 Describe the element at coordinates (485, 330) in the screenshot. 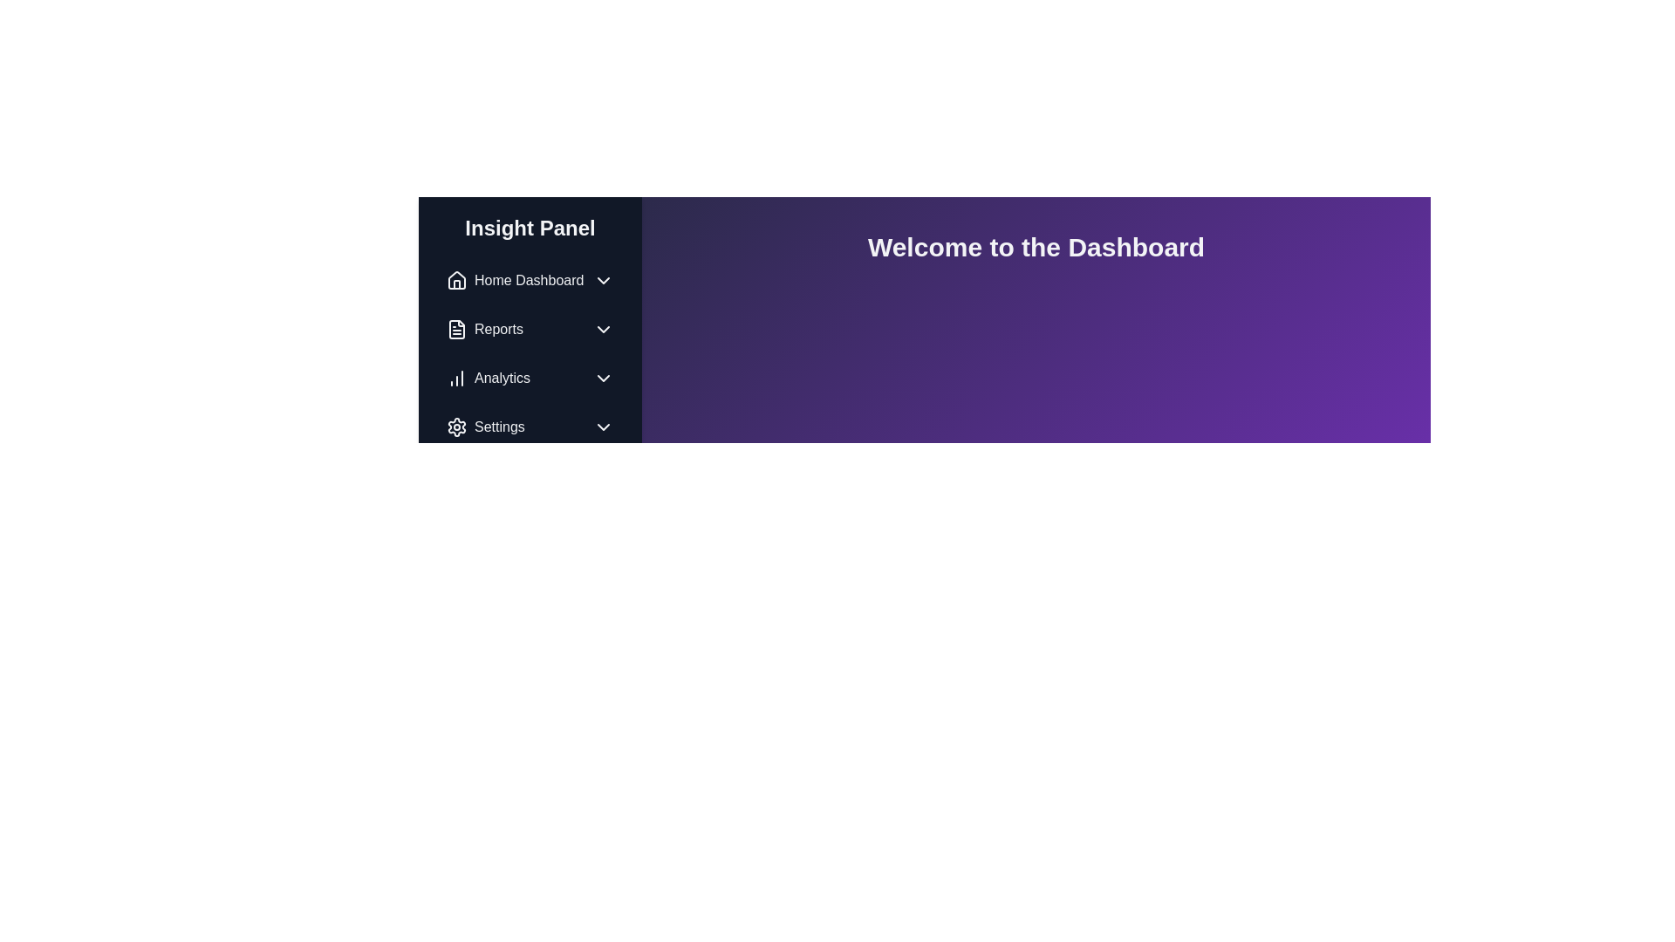

I see `the second navigation menu item for 'Reports' located in the left-hand navigation panel` at that location.